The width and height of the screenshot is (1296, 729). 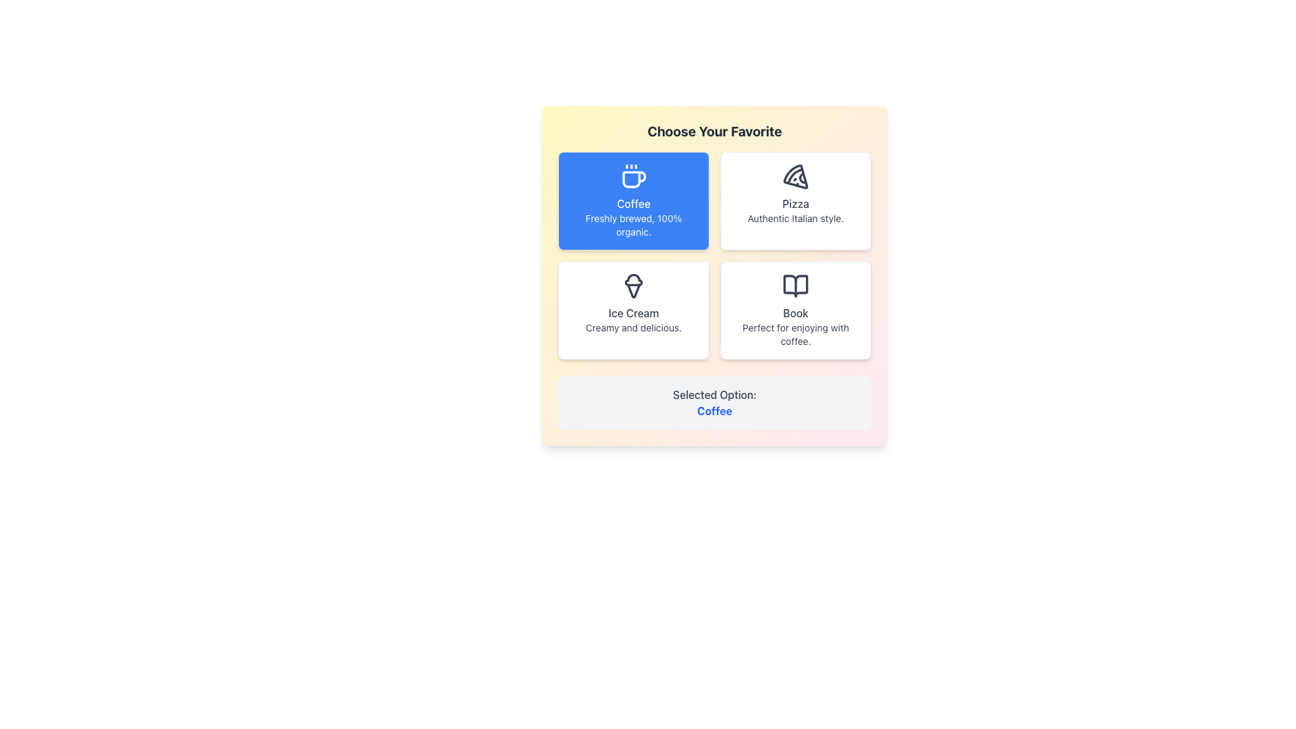 What do you see at coordinates (796, 310) in the screenshot?
I see `the fourth card in the bottom-right cell of a two-by-two grid layout, which has a white background, gray text, an open book icon, titled 'Book', and subtitled 'Perfect for enjoying with coffee.'` at bounding box center [796, 310].